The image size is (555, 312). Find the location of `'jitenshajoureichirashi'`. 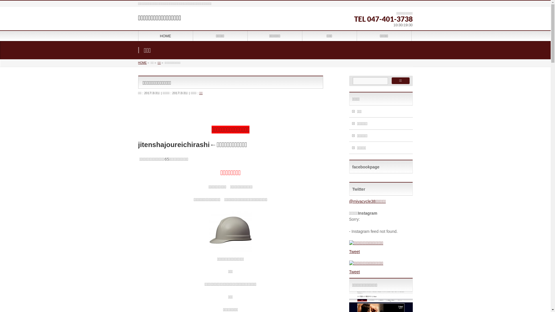

'jitenshajoureichirashi' is located at coordinates (173, 144).